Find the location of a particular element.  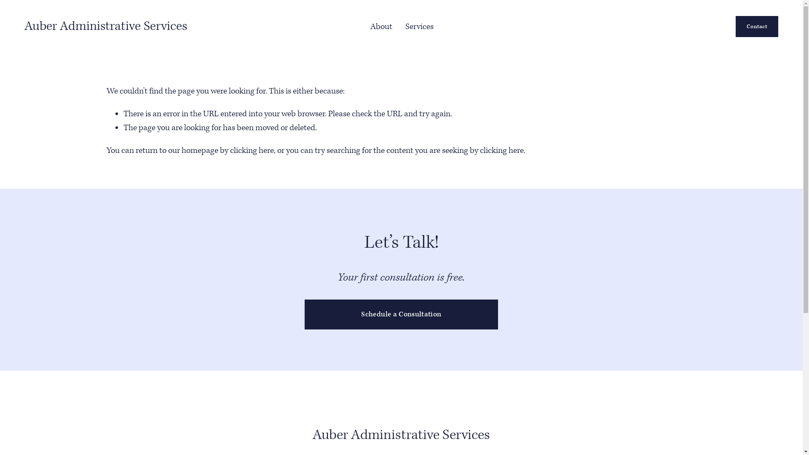

'Auber Administrative Services' is located at coordinates (105, 26).